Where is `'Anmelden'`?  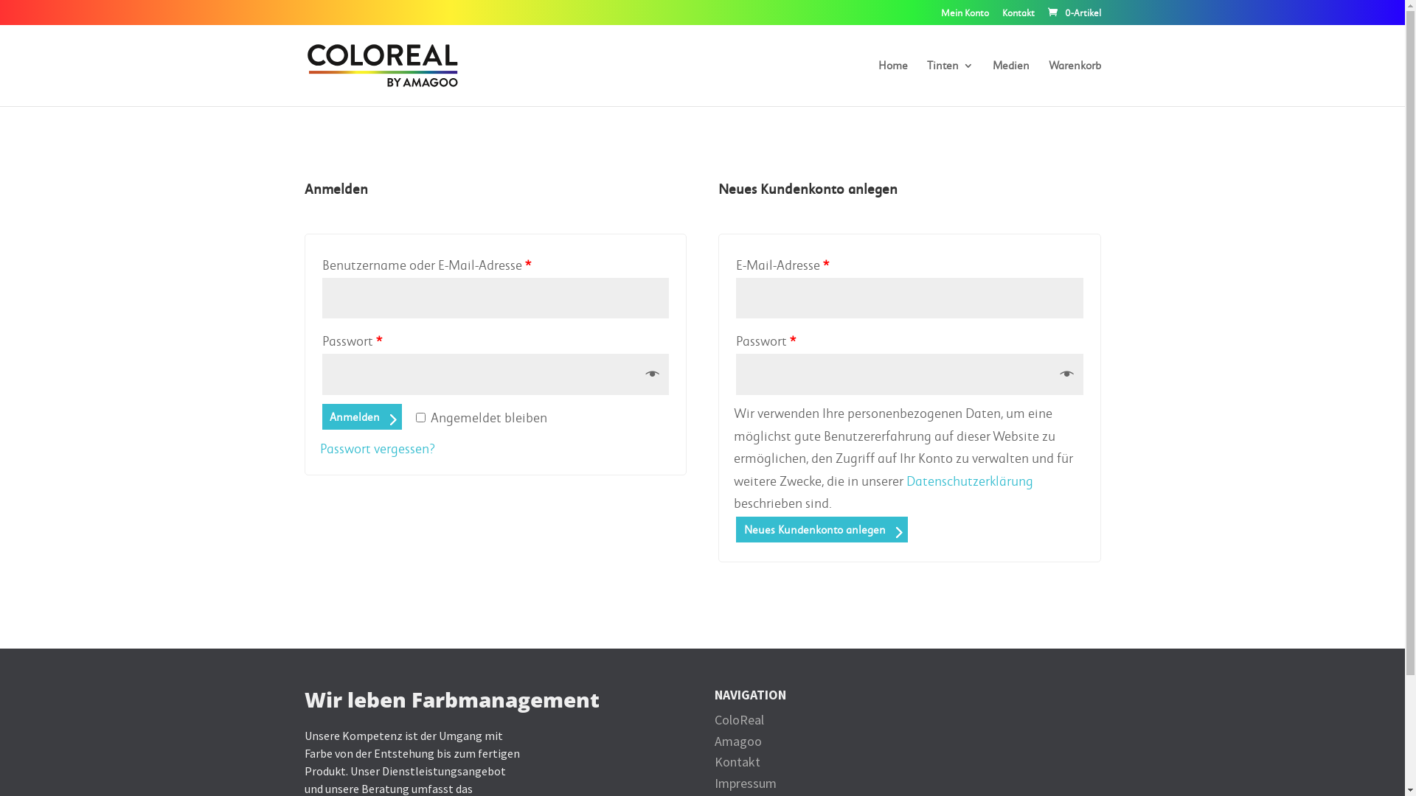
'Anmelden' is located at coordinates (361, 416).